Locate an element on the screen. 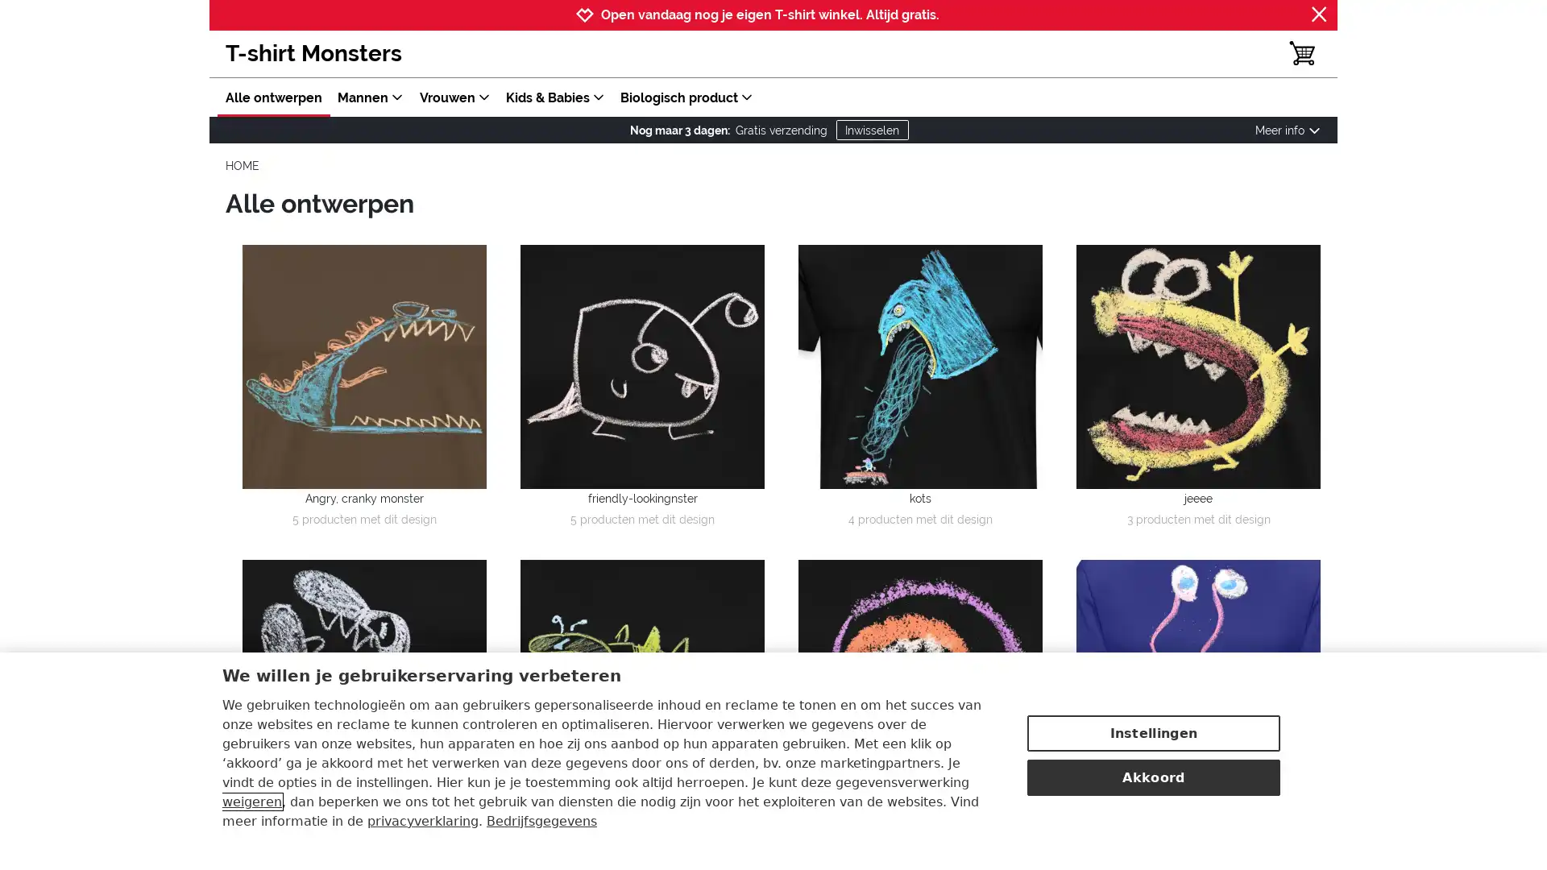 The image size is (1547, 870). jeeee - Mannen Premium T-shirt is located at coordinates (1198, 366).